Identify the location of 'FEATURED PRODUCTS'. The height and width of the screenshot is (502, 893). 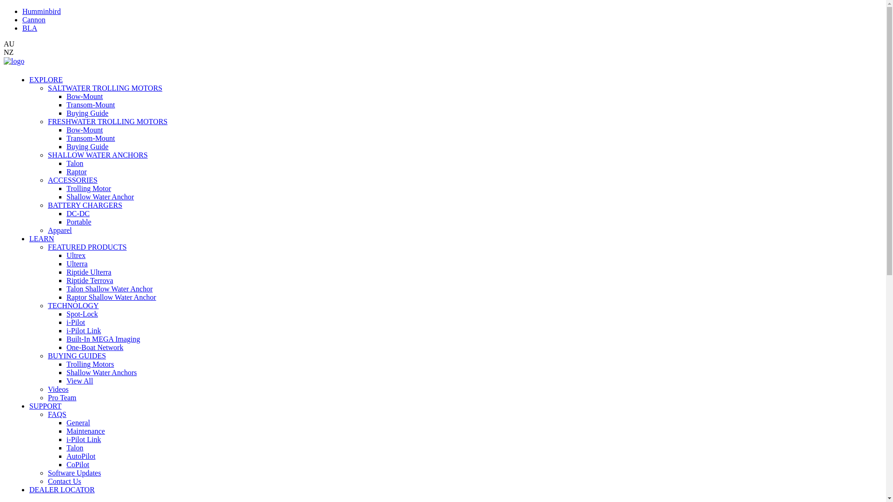
(87, 246).